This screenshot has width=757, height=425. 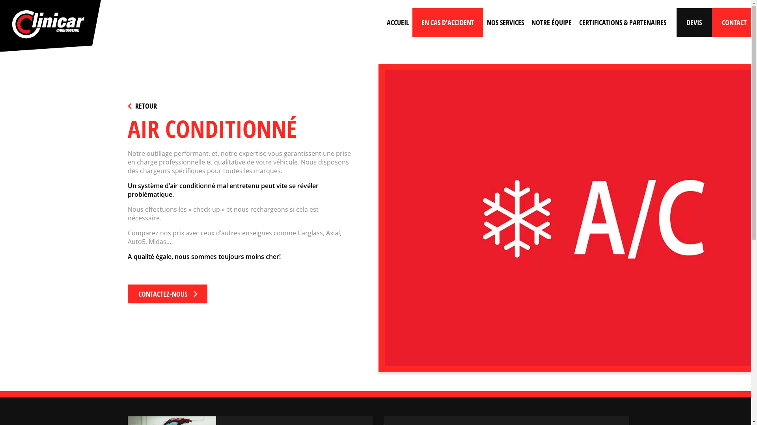 I want to click on 'CONTACTEZ-NOUS', so click(x=167, y=294).